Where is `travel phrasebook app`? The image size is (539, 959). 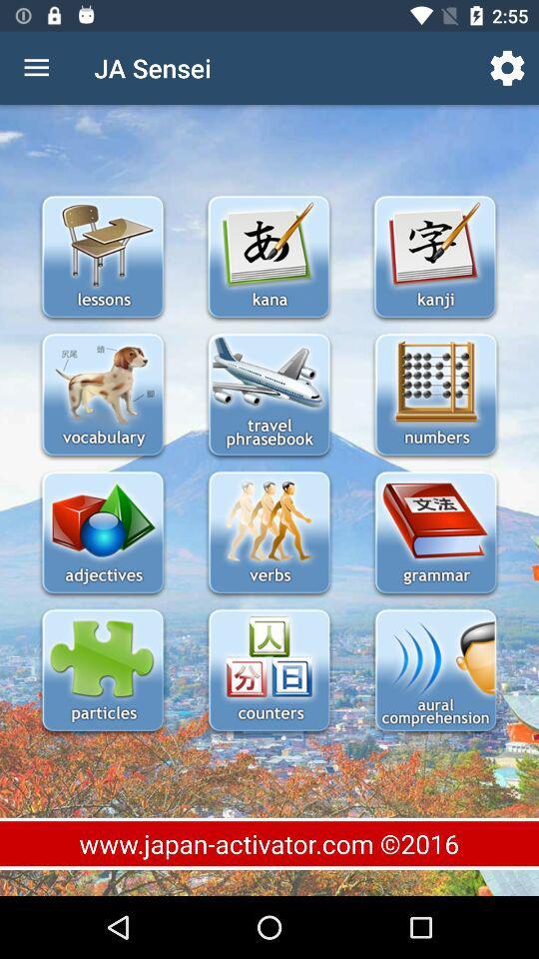
travel phrasebook app is located at coordinates (269, 396).